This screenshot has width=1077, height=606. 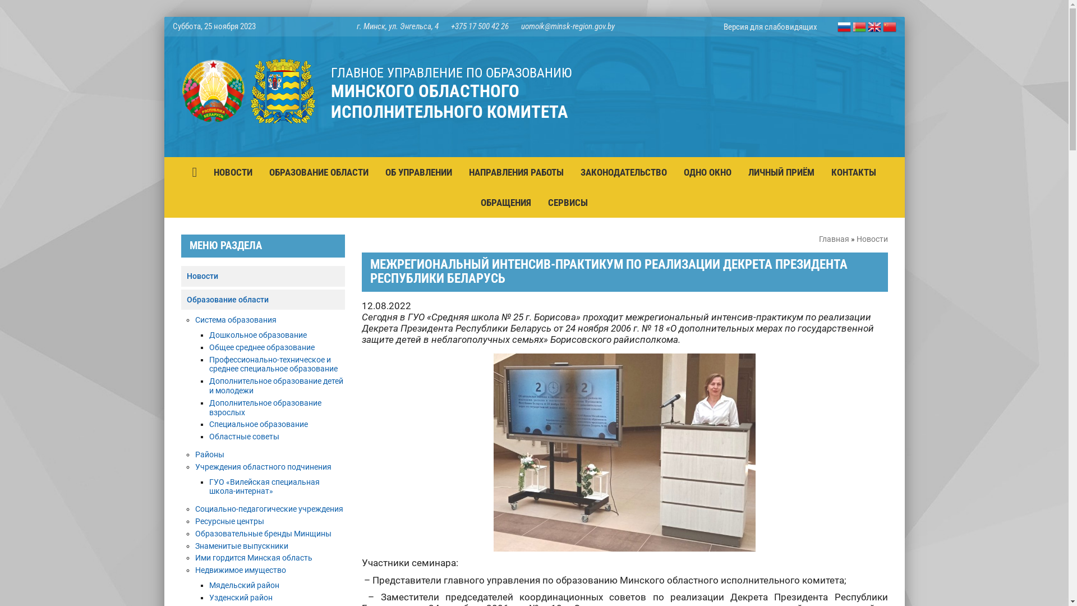 I want to click on '+375 17 500 42 26', so click(x=480, y=25).